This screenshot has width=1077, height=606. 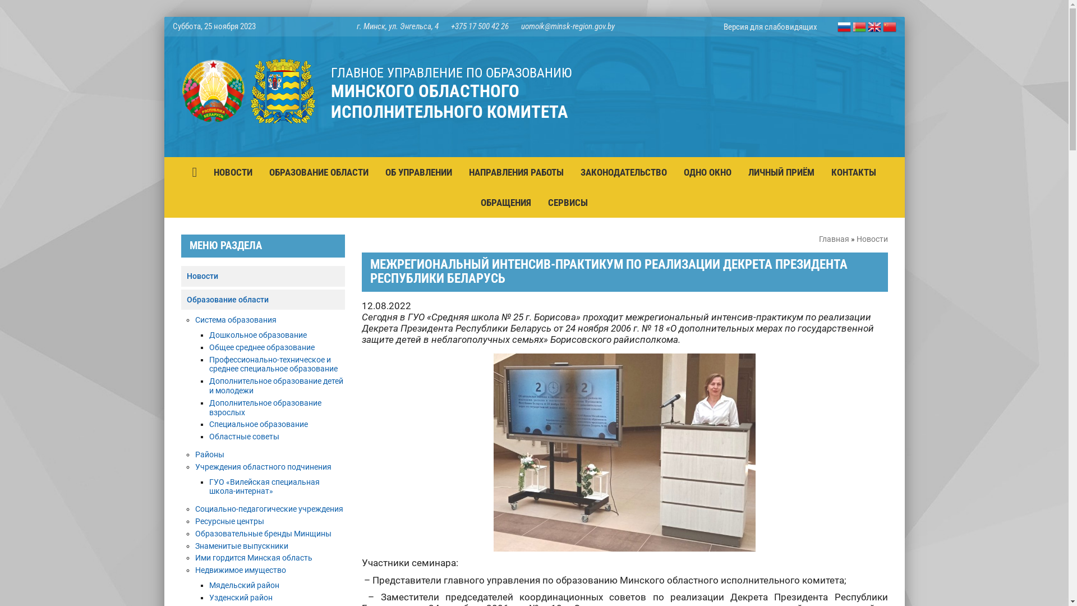 I want to click on '+375 17 500 42 26', so click(x=480, y=25).